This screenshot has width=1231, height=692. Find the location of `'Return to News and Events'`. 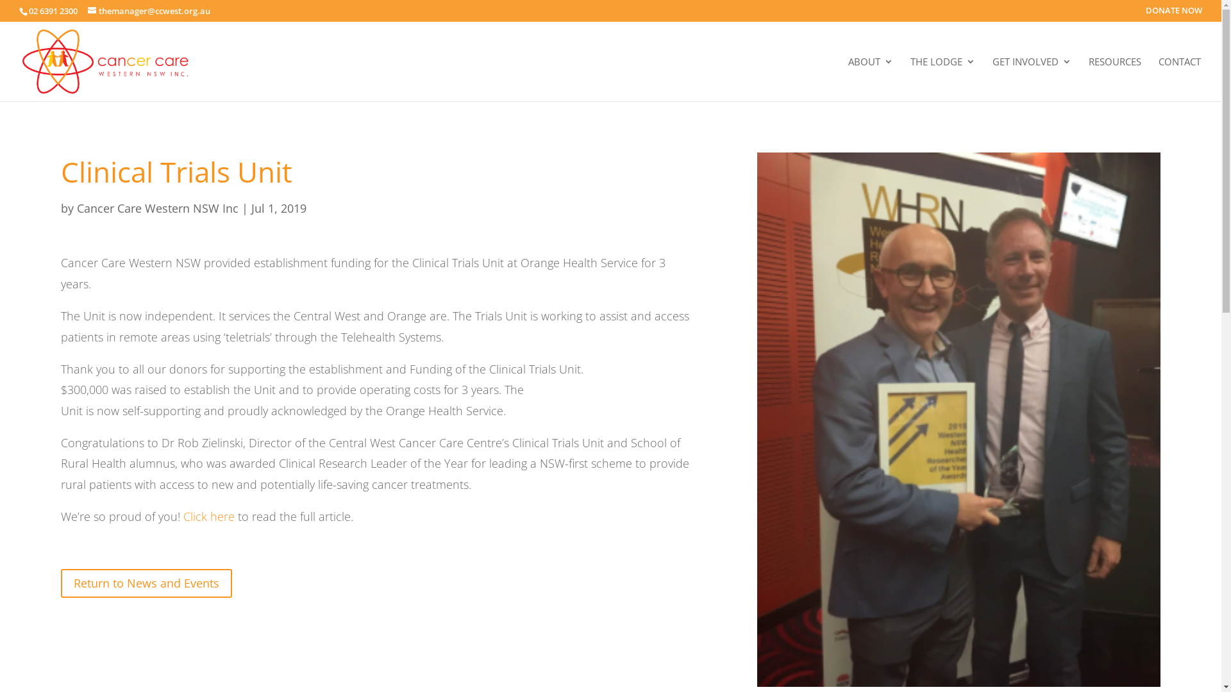

'Return to News and Events' is located at coordinates (146, 583).